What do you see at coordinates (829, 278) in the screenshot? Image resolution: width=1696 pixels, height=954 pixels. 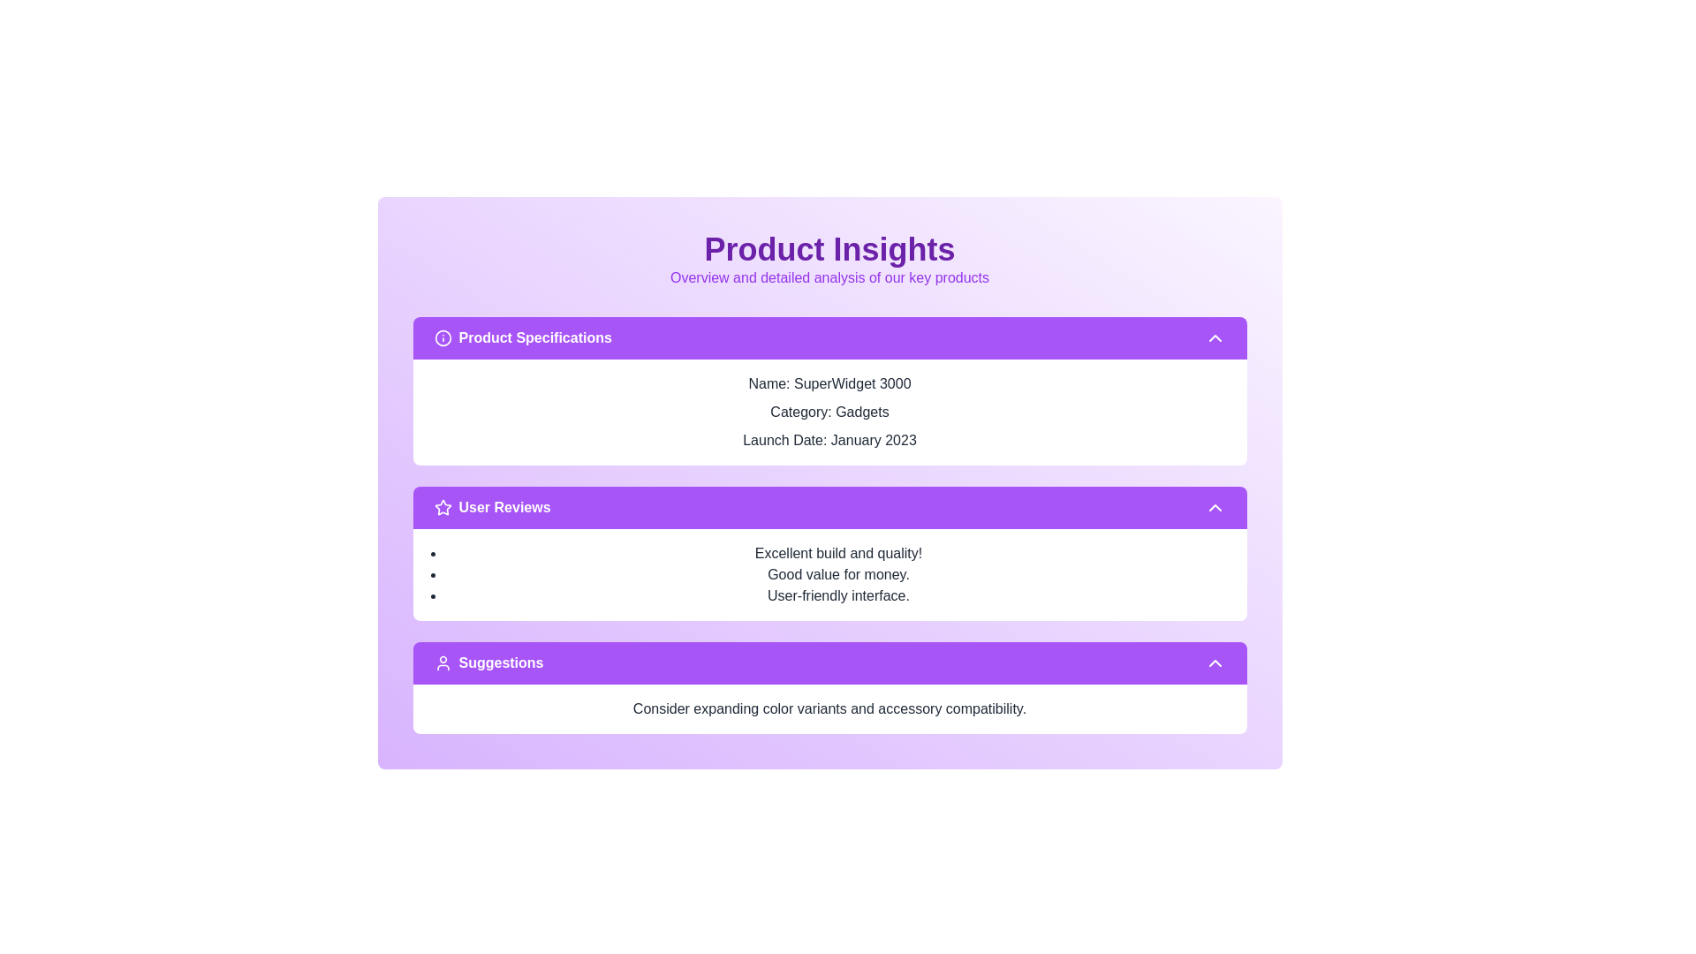 I see `the text label that reads 'Overview and detailed analysis of our key products', which is styled in light purple and positioned directly below 'Product Insights' in the header section` at bounding box center [829, 278].